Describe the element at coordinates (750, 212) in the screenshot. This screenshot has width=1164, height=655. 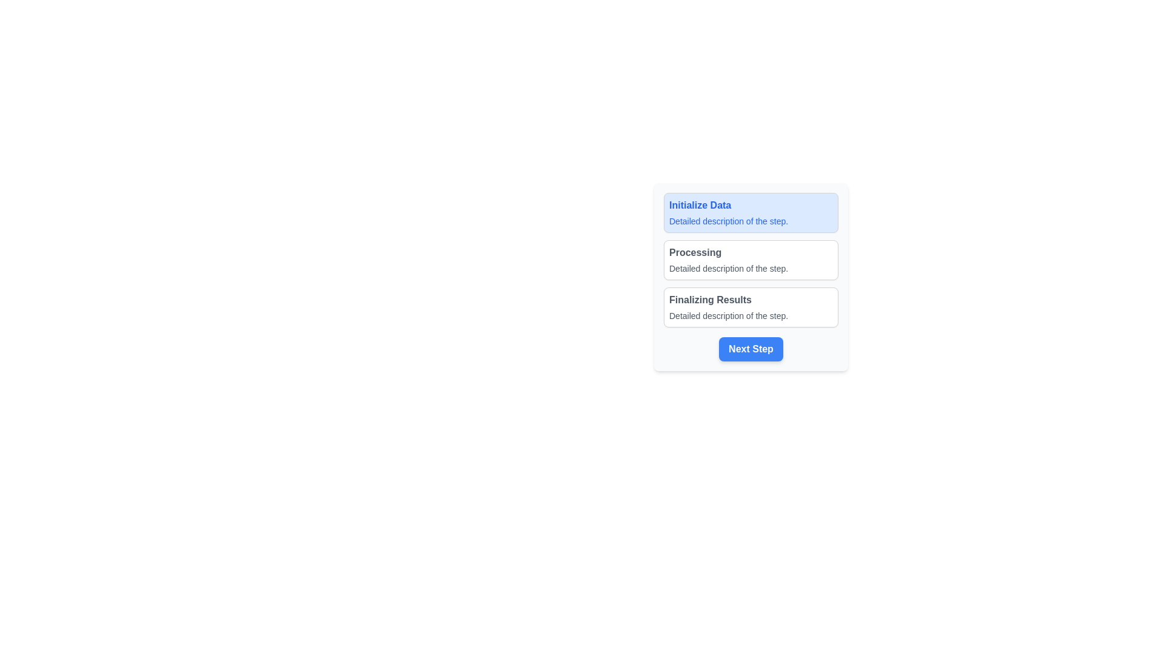
I see `descriptive text from the first panel section at the top of the vertically stacked list` at that location.